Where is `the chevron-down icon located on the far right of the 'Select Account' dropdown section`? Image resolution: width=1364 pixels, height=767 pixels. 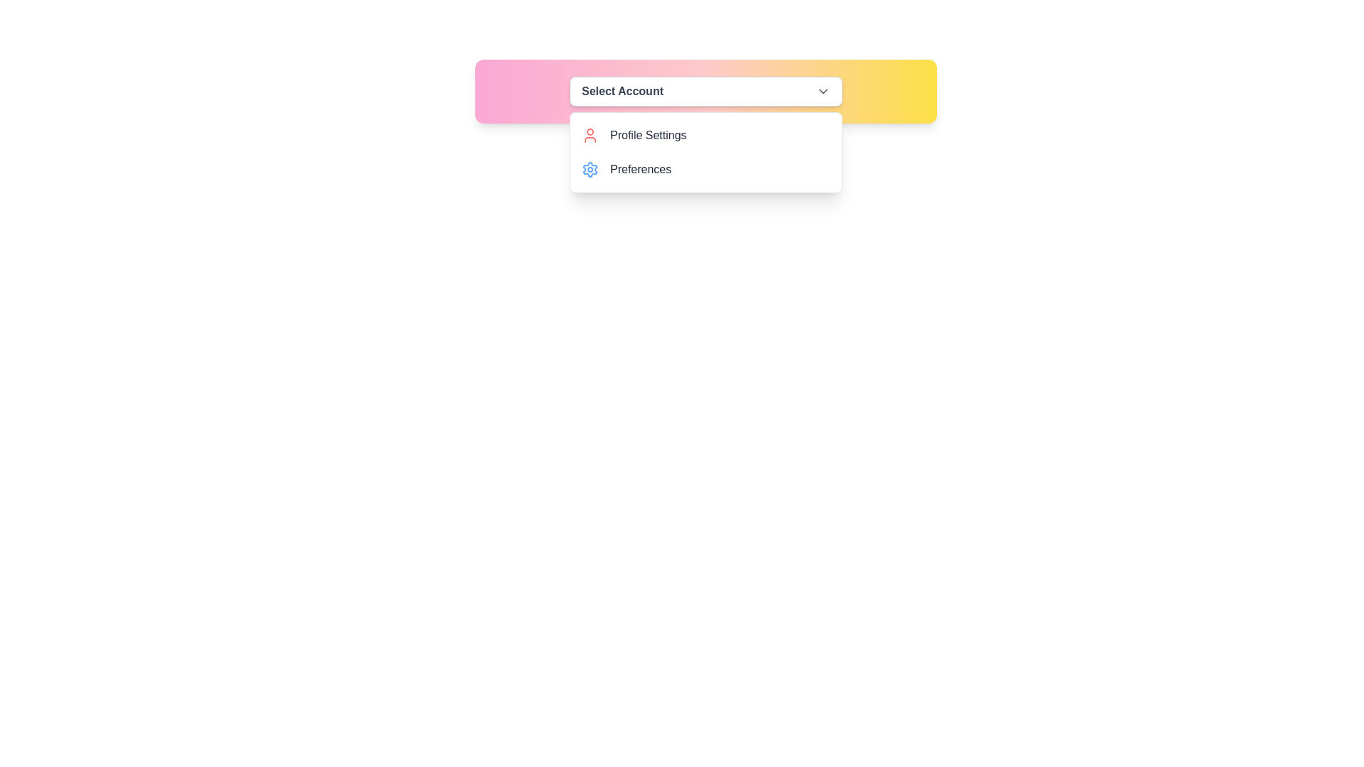
the chevron-down icon located on the far right of the 'Select Account' dropdown section is located at coordinates (823, 91).